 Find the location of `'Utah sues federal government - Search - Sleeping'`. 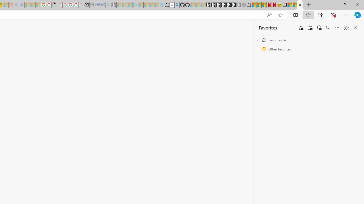

'Utah sues federal government - Search - Sleeping' is located at coordinates (22, 5).